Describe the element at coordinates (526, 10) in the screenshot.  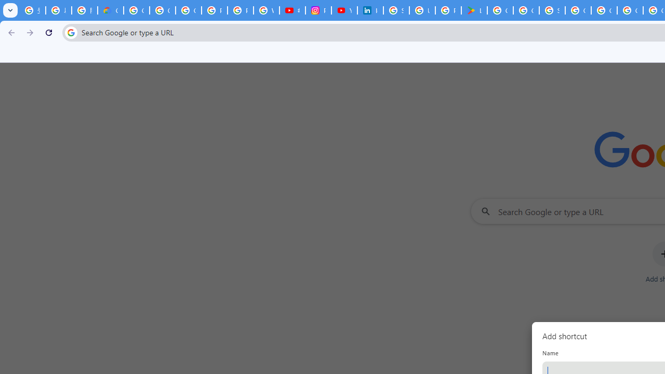
I see `'Google Workspace - Specific Terms'` at that location.